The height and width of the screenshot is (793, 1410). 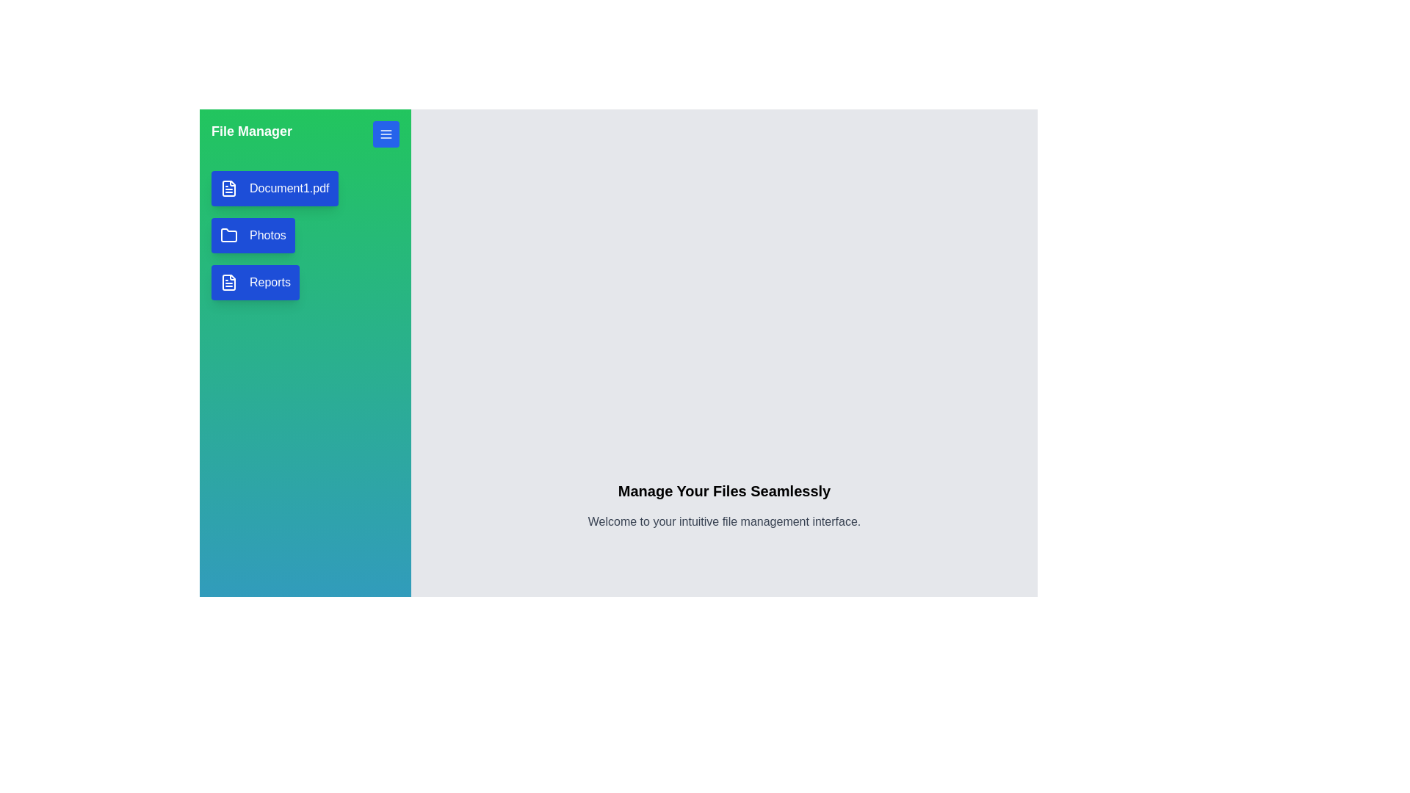 What do you see at coordinates (386, 134) in the screenshot?
I see `menu button in the top-right corner of the drawer to close it` at bounding box center [386, 134].